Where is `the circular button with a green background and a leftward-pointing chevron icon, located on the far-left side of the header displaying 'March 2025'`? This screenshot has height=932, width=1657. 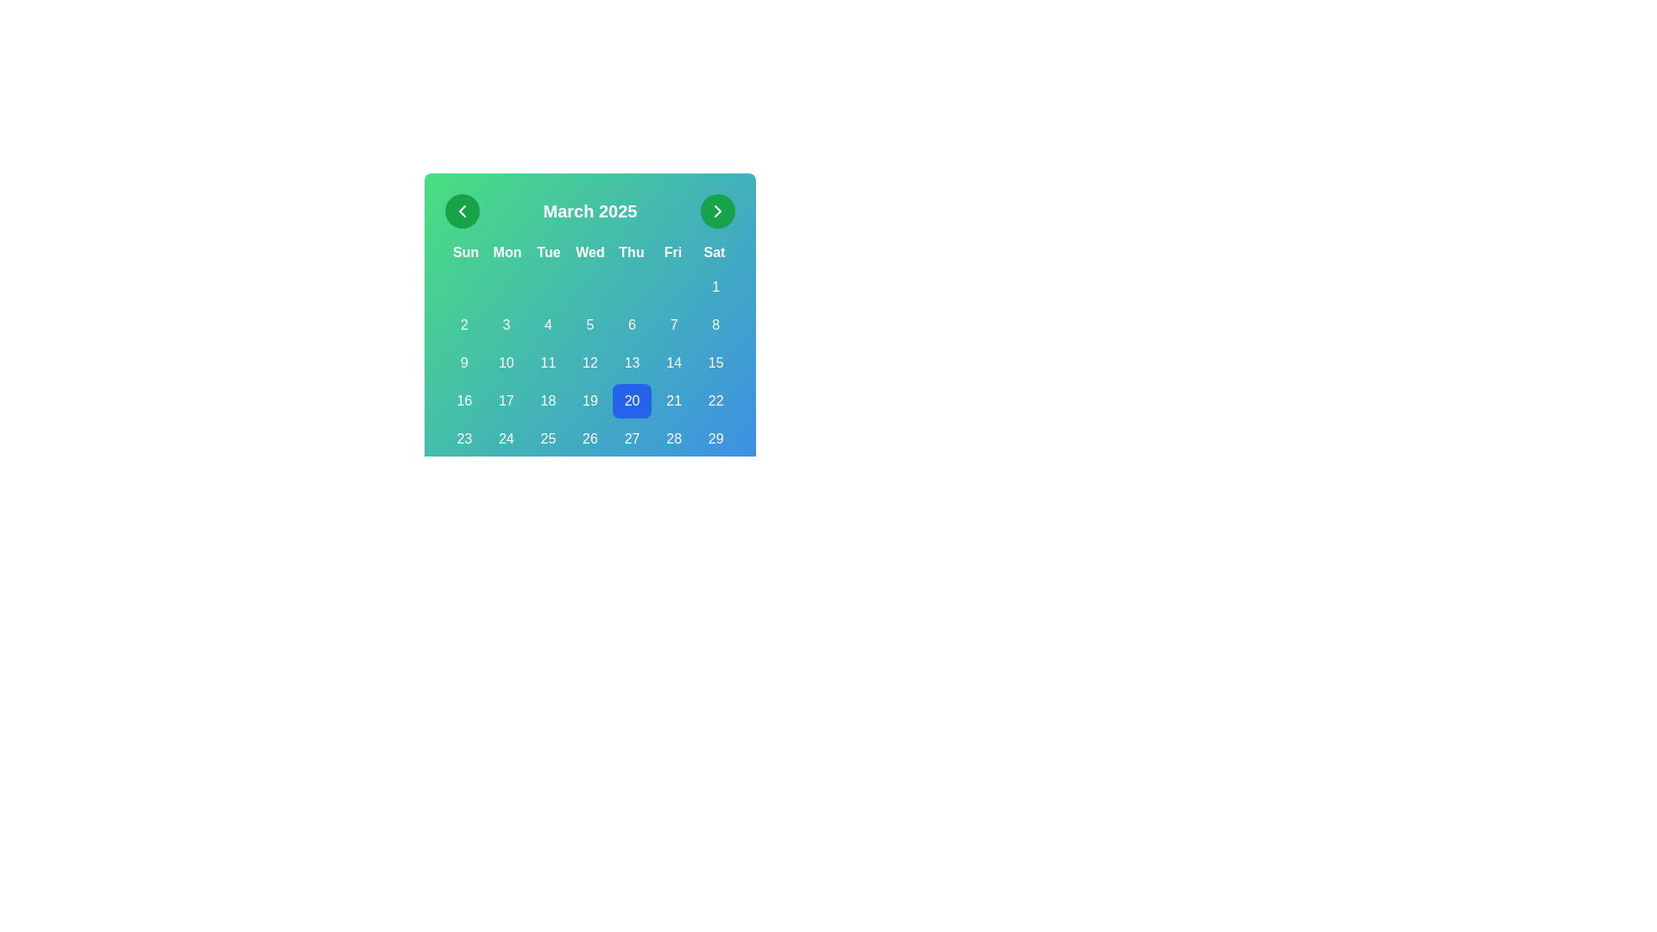 the circular button with a green background and a leftward-pointing chevron icon, located on the far-left side of the header displaying 'March 2025' is located at coordinates (463, 211).